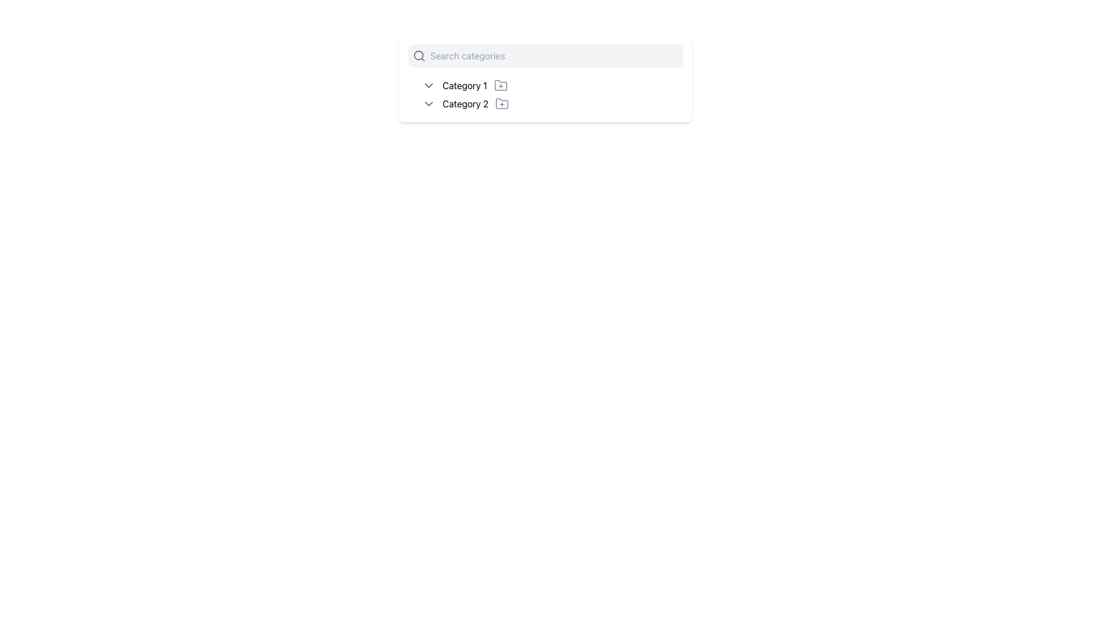 This screenshot has height=617, width=1098. What do you see at coordinates (502, 103) in the screenshot?
I see `the folder icon located to the right of the label 'Category 2'` at bounding box center [502, 103].